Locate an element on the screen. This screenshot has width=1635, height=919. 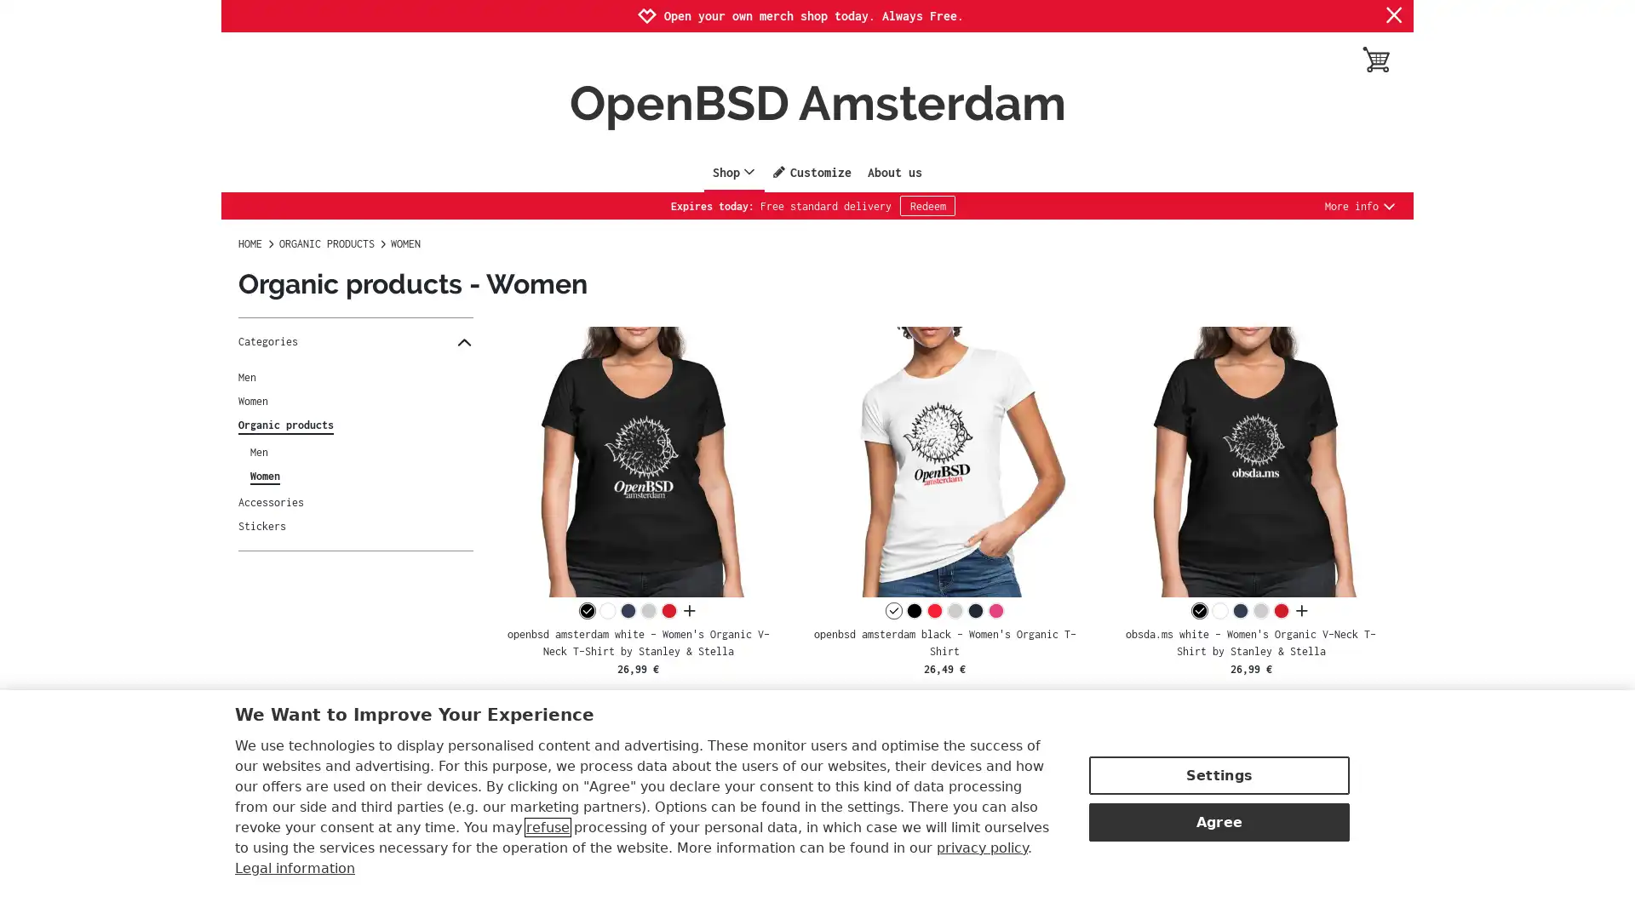
neon pink is located at coordinates (995, 610).